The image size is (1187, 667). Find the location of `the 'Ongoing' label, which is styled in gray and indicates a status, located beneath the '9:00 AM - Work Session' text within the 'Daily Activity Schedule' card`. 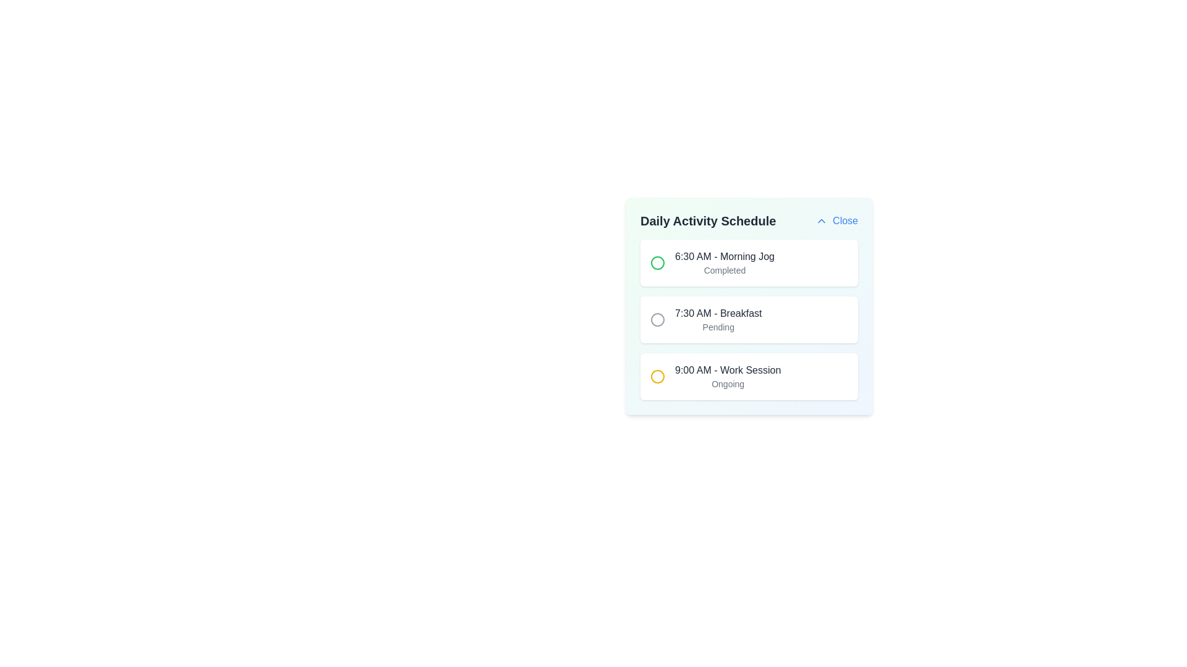

the 'Ongoing' label, which is styled in gray and indicates a status, located beneath the '9:00 AM - Work Session' text within the 'Daily Activity Schedule' card is located at coordinates (728, 383).